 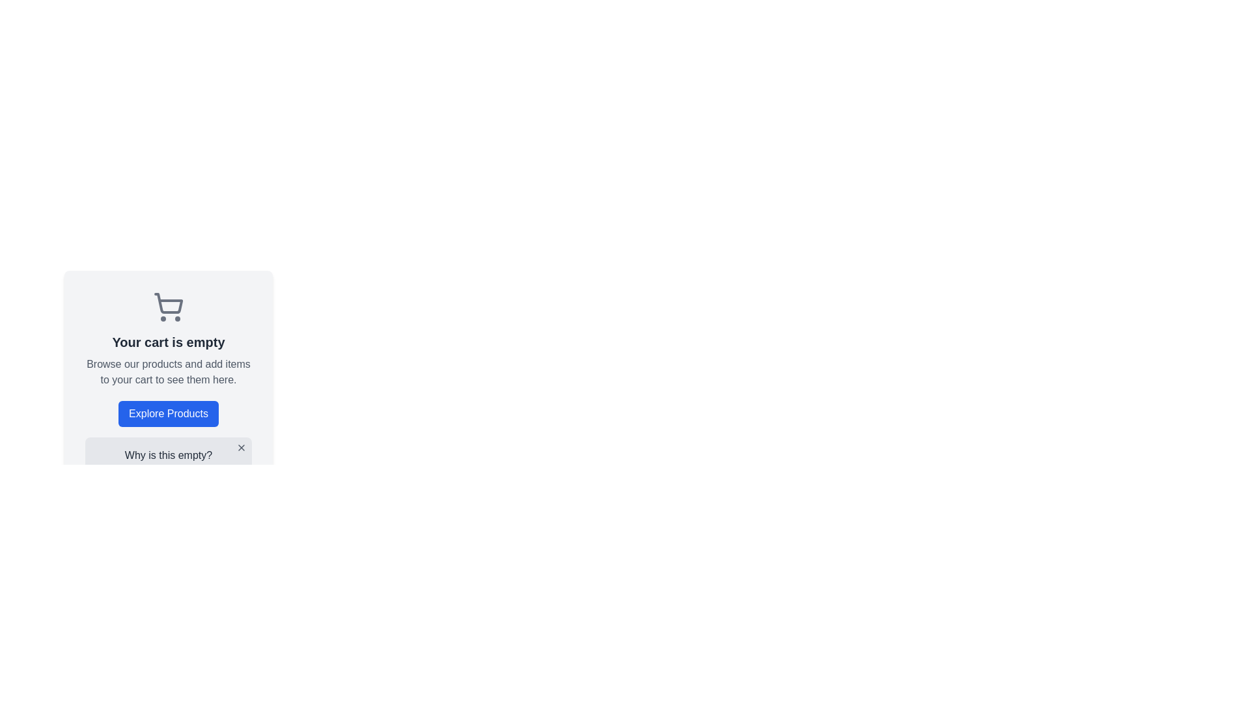 I want to click on the text label that reads 'Your cart is empty', which is styled in bold dark gray and positioned below the shopping cart icon, so click(x=168, y=341).